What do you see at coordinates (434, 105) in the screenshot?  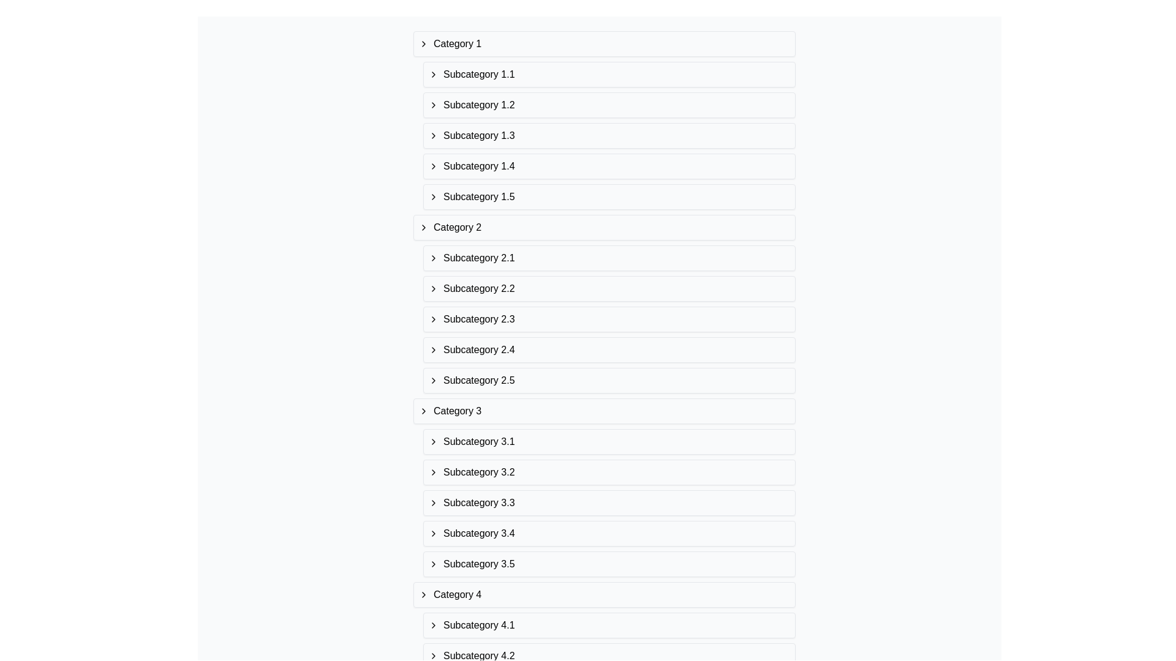 I see `the chevron icon located to the left of the text 'Subcategory 1.2'` at bounding box center [434, 105].